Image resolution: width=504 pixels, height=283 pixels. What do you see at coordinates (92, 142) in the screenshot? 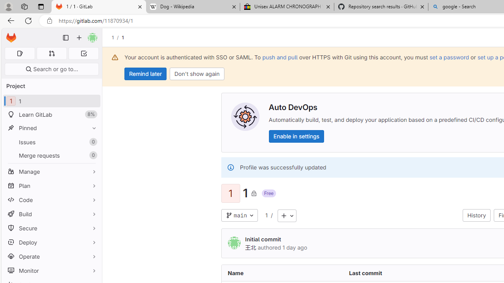
I see `'Unpin Issues'` at bounding box center [92, 142].